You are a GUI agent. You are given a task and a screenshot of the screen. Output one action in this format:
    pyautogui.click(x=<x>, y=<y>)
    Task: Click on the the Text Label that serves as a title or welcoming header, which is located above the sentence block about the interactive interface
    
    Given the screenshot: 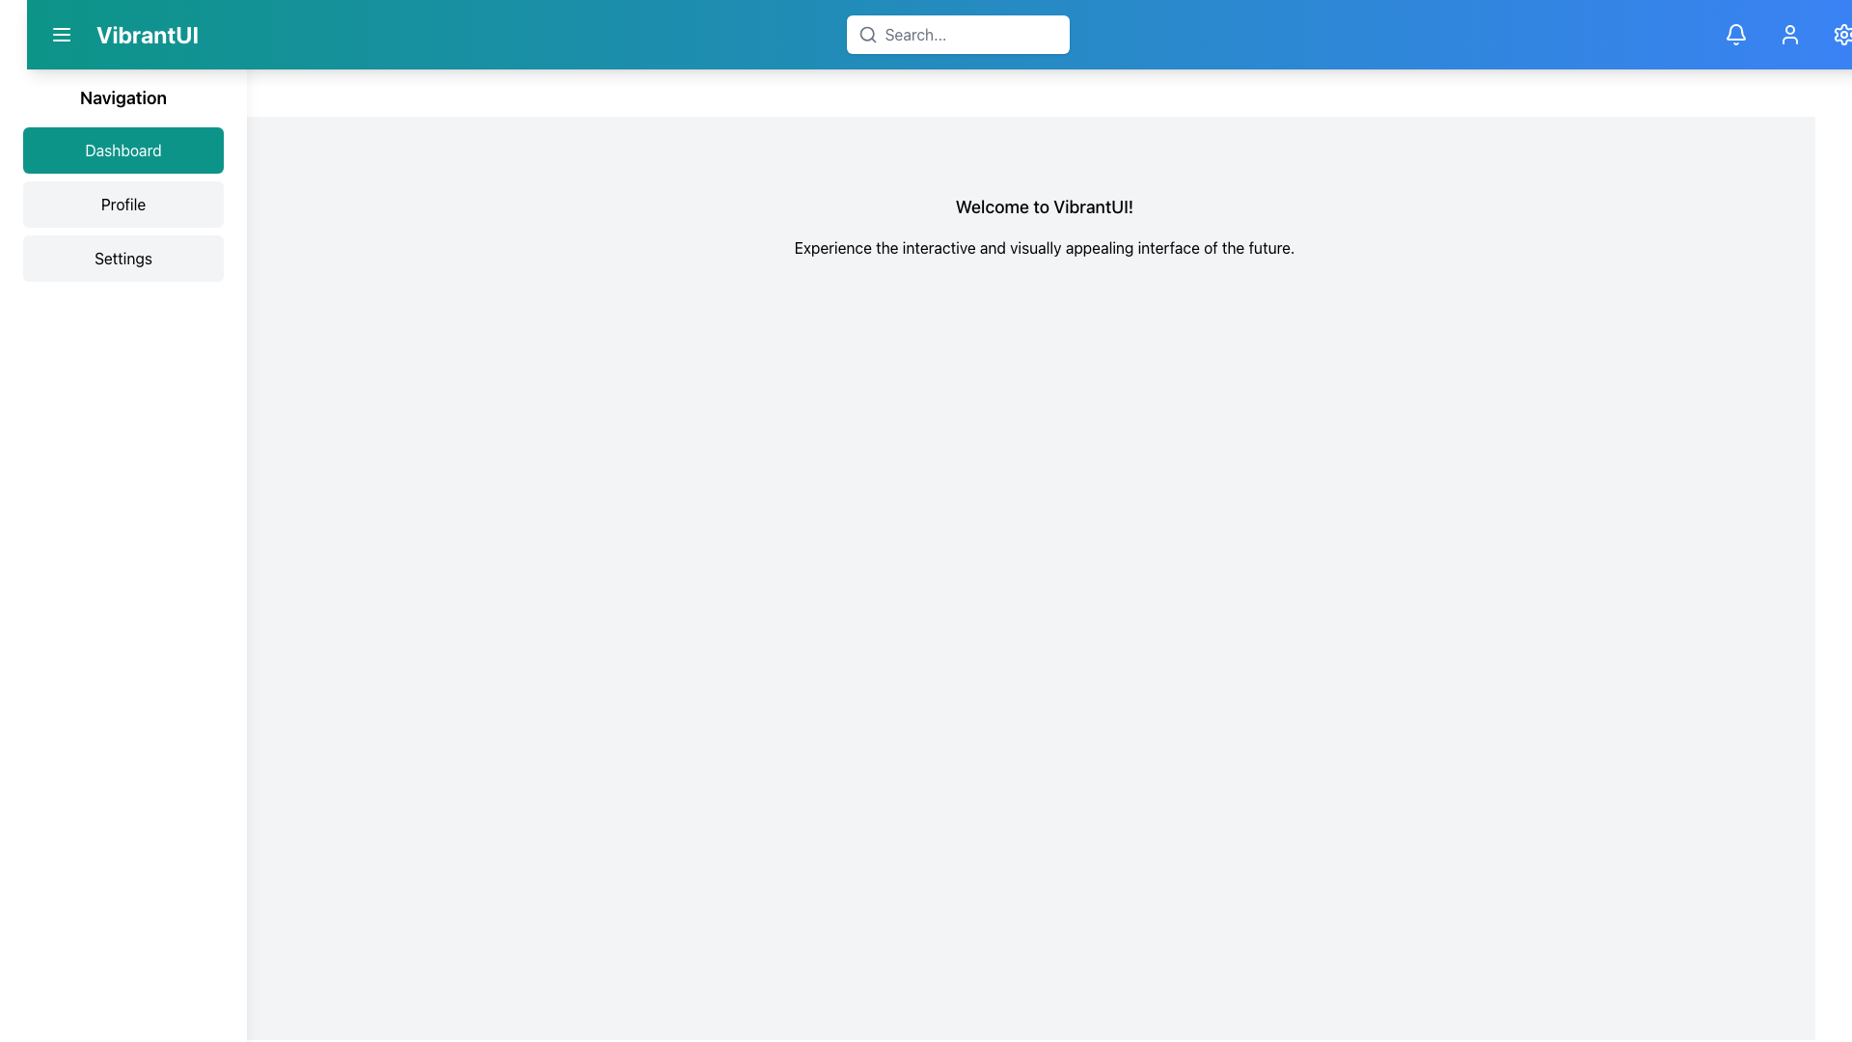 What is the action you would take?
    pyautogui.click(x=1044, y=207)
    